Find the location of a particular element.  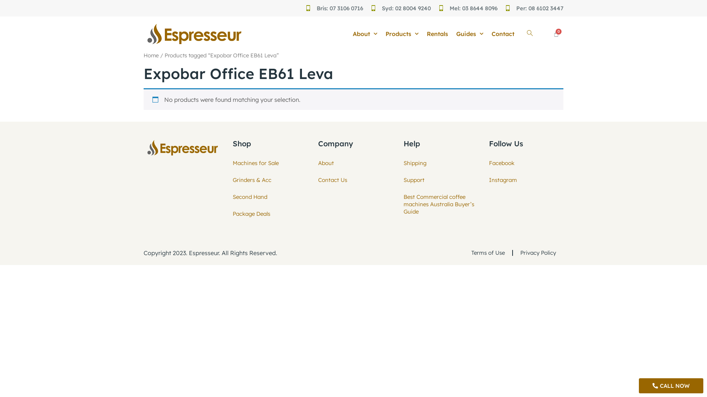

'Privacy Policy' is located at coordinates (538, 252).